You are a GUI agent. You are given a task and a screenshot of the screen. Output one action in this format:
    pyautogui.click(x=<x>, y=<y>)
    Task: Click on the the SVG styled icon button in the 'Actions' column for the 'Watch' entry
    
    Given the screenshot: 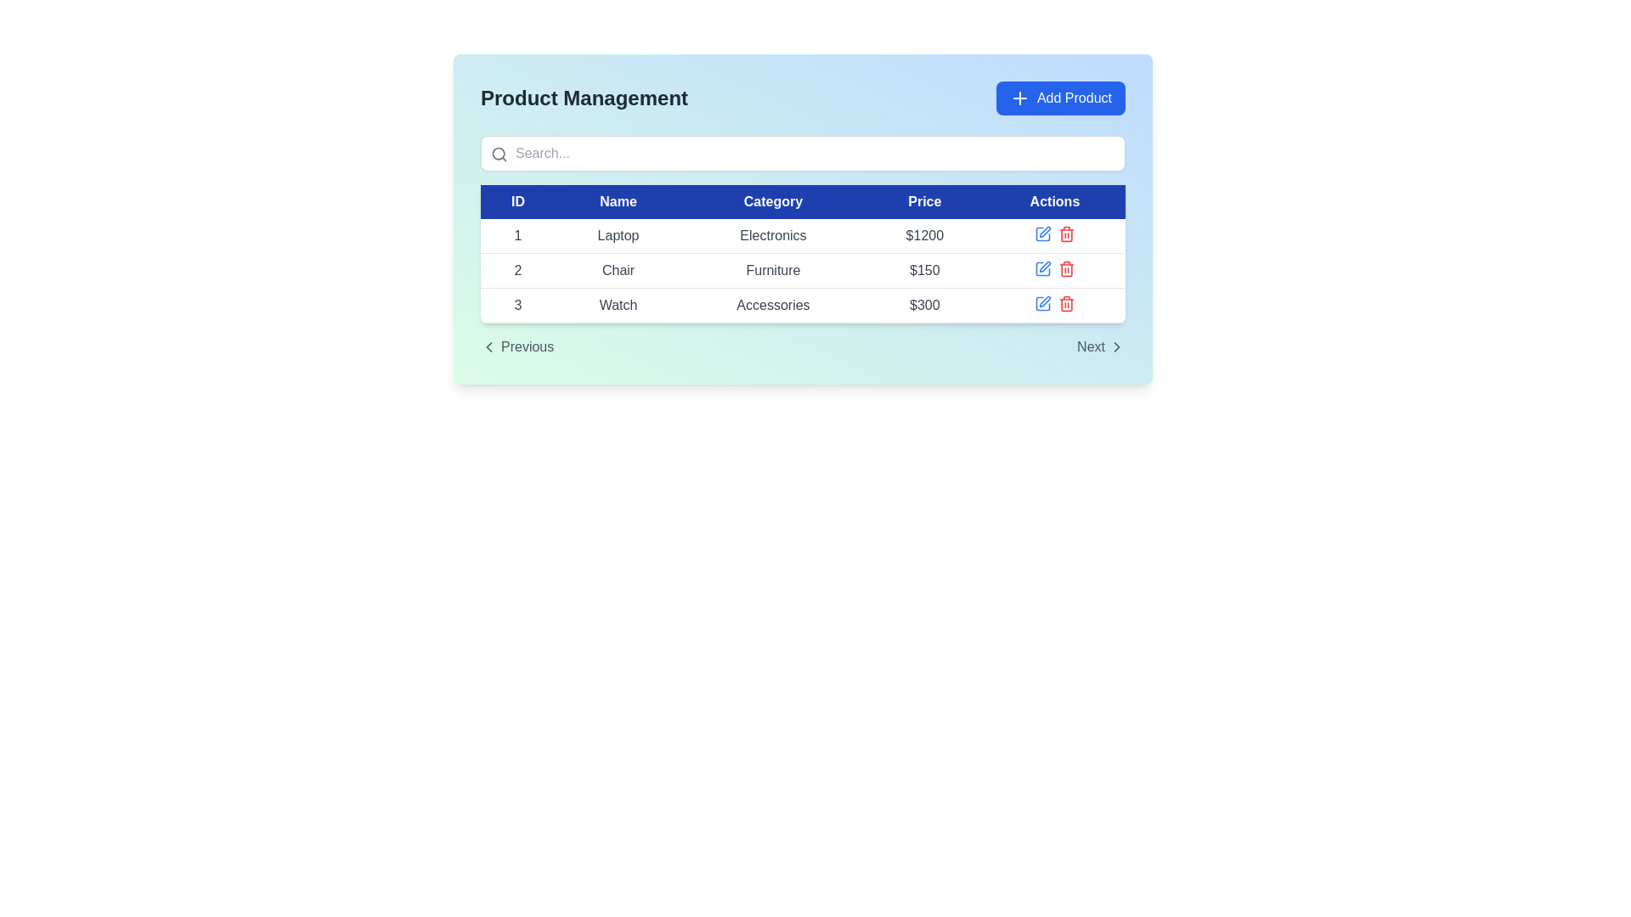 What is the action you would take?
    pyautogui.click(x=1043, y=300)
    